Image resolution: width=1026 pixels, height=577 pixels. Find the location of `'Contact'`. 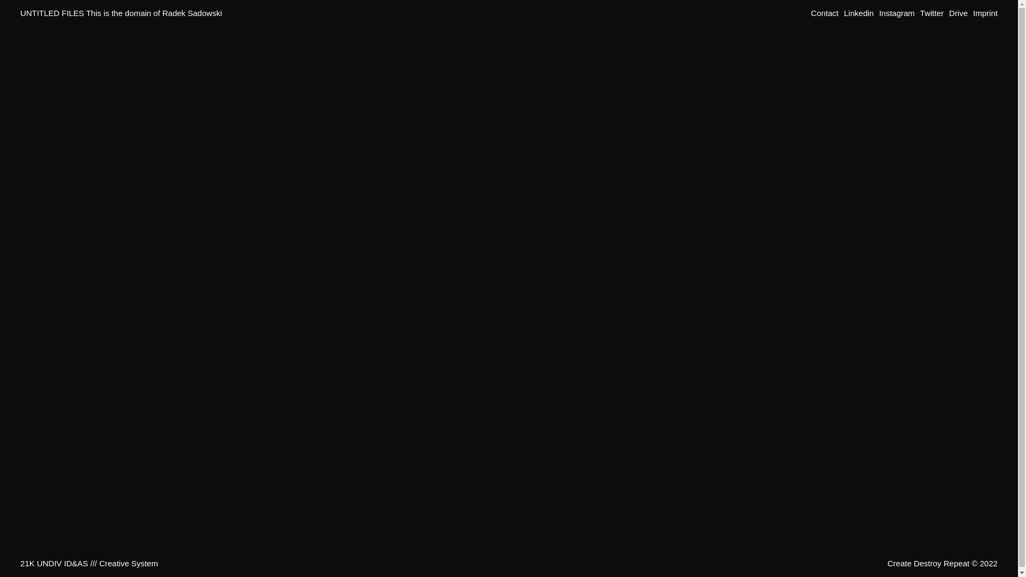

'Contact' is located at coordinates (825, 13).